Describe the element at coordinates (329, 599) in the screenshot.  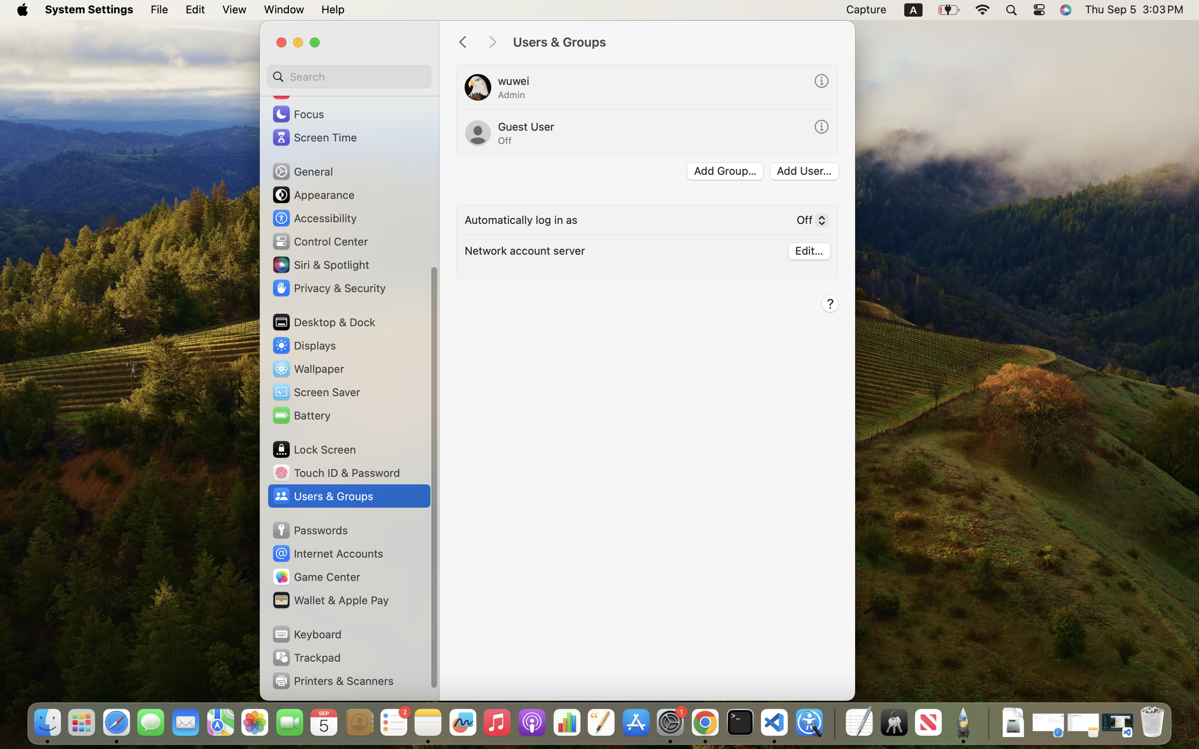
I see `'Wallet & Apple Pay'` at that location.